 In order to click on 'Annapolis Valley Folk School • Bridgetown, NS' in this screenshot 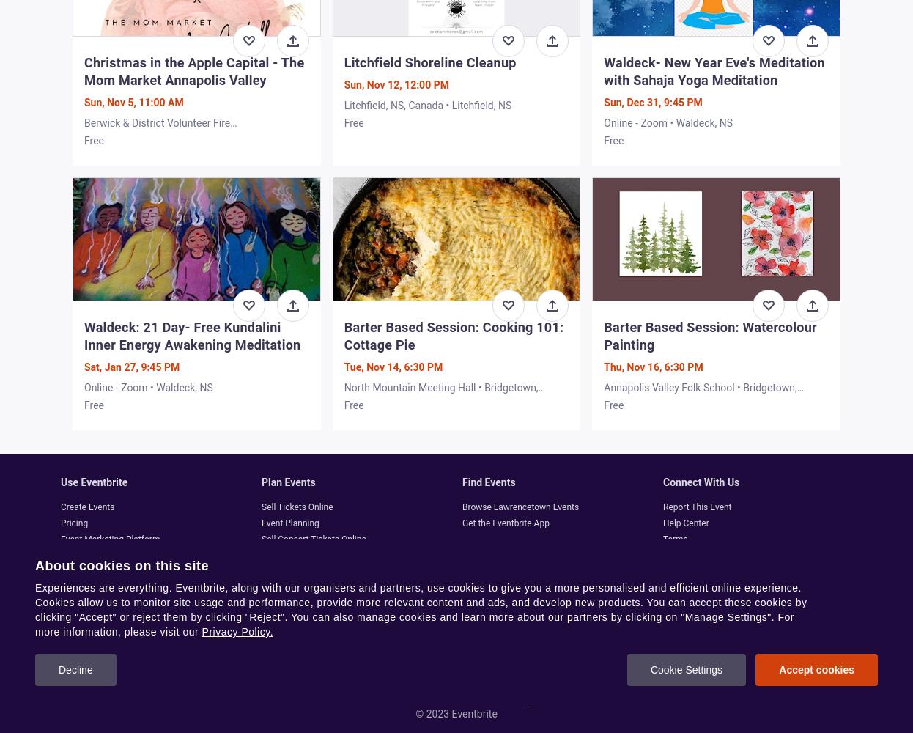, I will do `click(602, 394)`.